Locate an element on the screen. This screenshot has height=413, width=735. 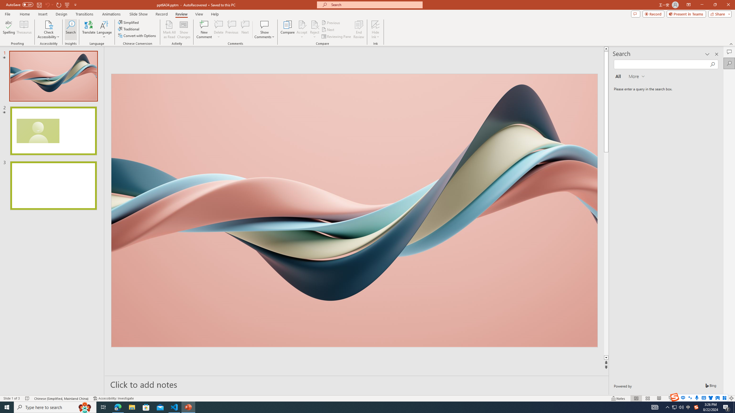
'Thesaurus...' is located at coordinates (24, 30).